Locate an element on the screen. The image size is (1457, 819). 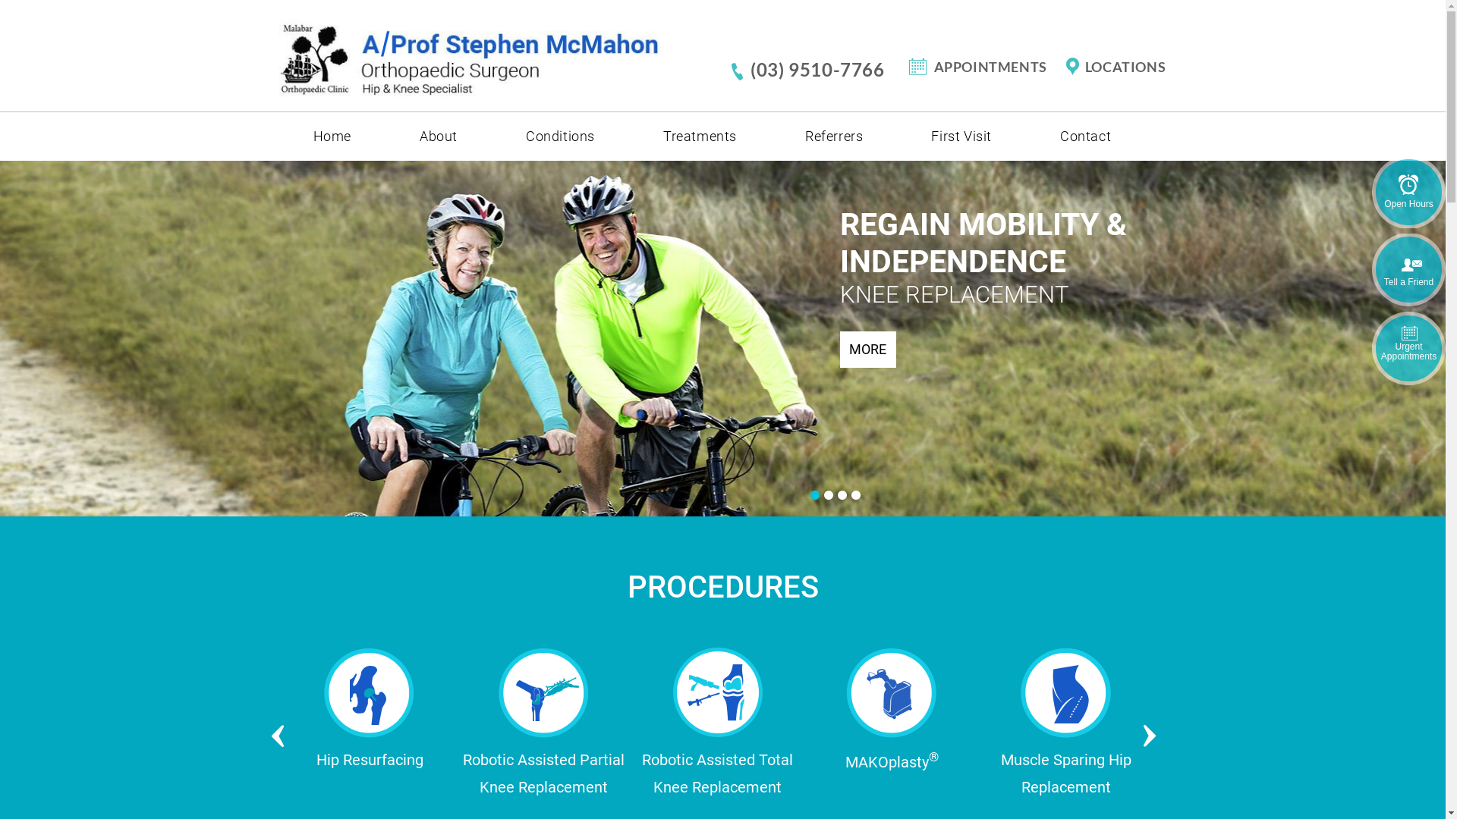
'MORE' is located at coordinates (867, 349).